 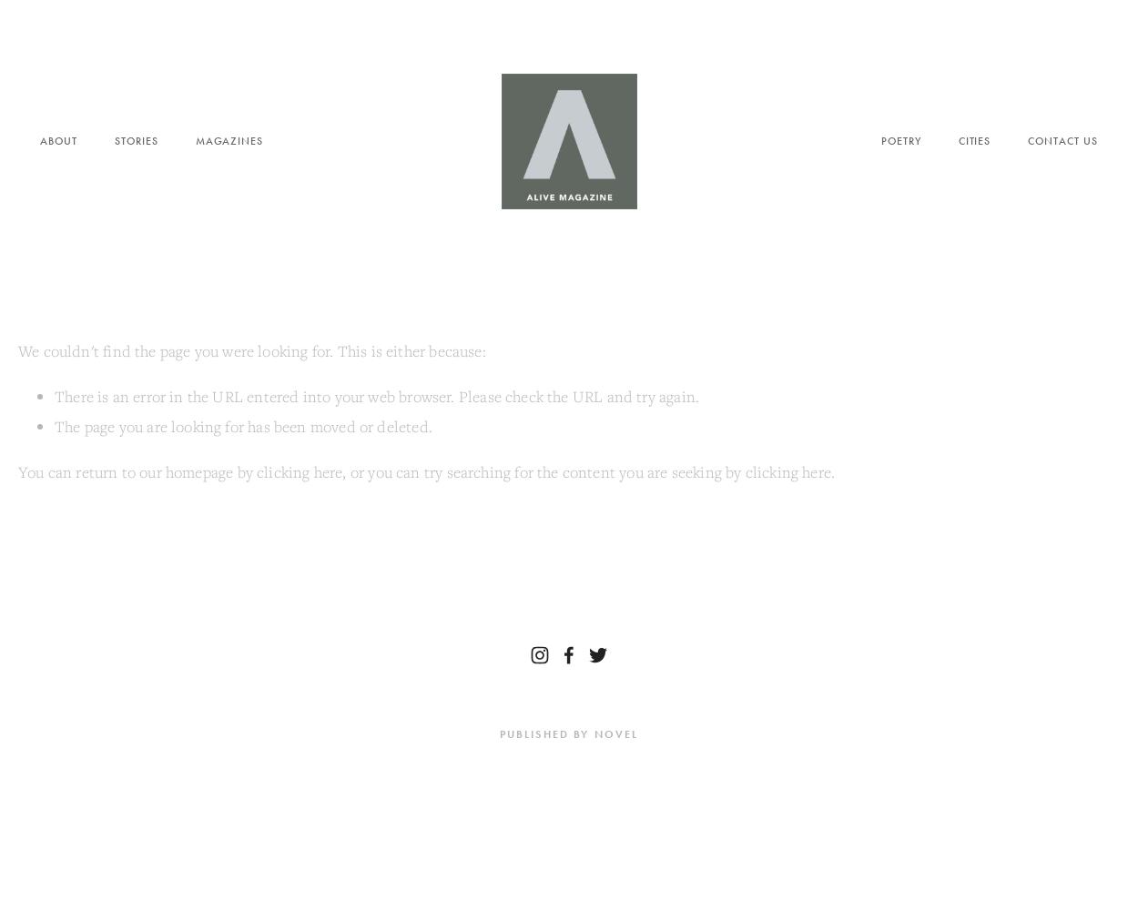 I want to click on 'There is an error in the URL entered into your web browser. Please check the URL and try again.', so click(x=377, y=396).